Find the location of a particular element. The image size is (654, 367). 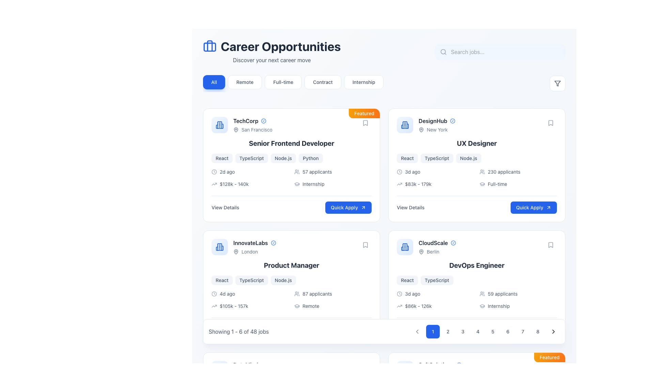

the icon representing professional or career-related content in the 'Career Opportunities' section, which is positioned to the left of the text content is located at coordinates (209, 46).